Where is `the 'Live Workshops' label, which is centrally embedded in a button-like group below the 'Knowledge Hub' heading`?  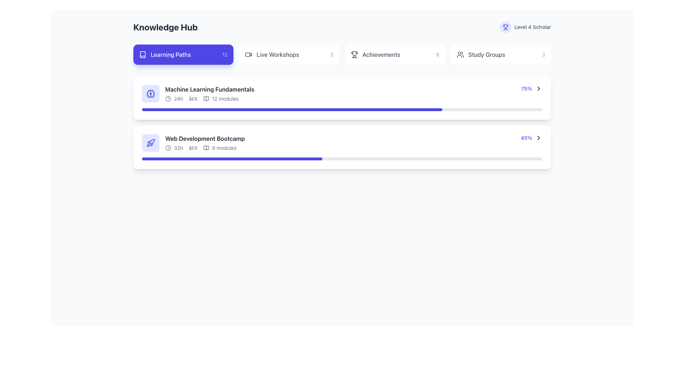
the 'Live Workshops' label, which is centrally embedded in a button-like group below the 'Knowledge Hub' heading is located at coordinates (277, 54).